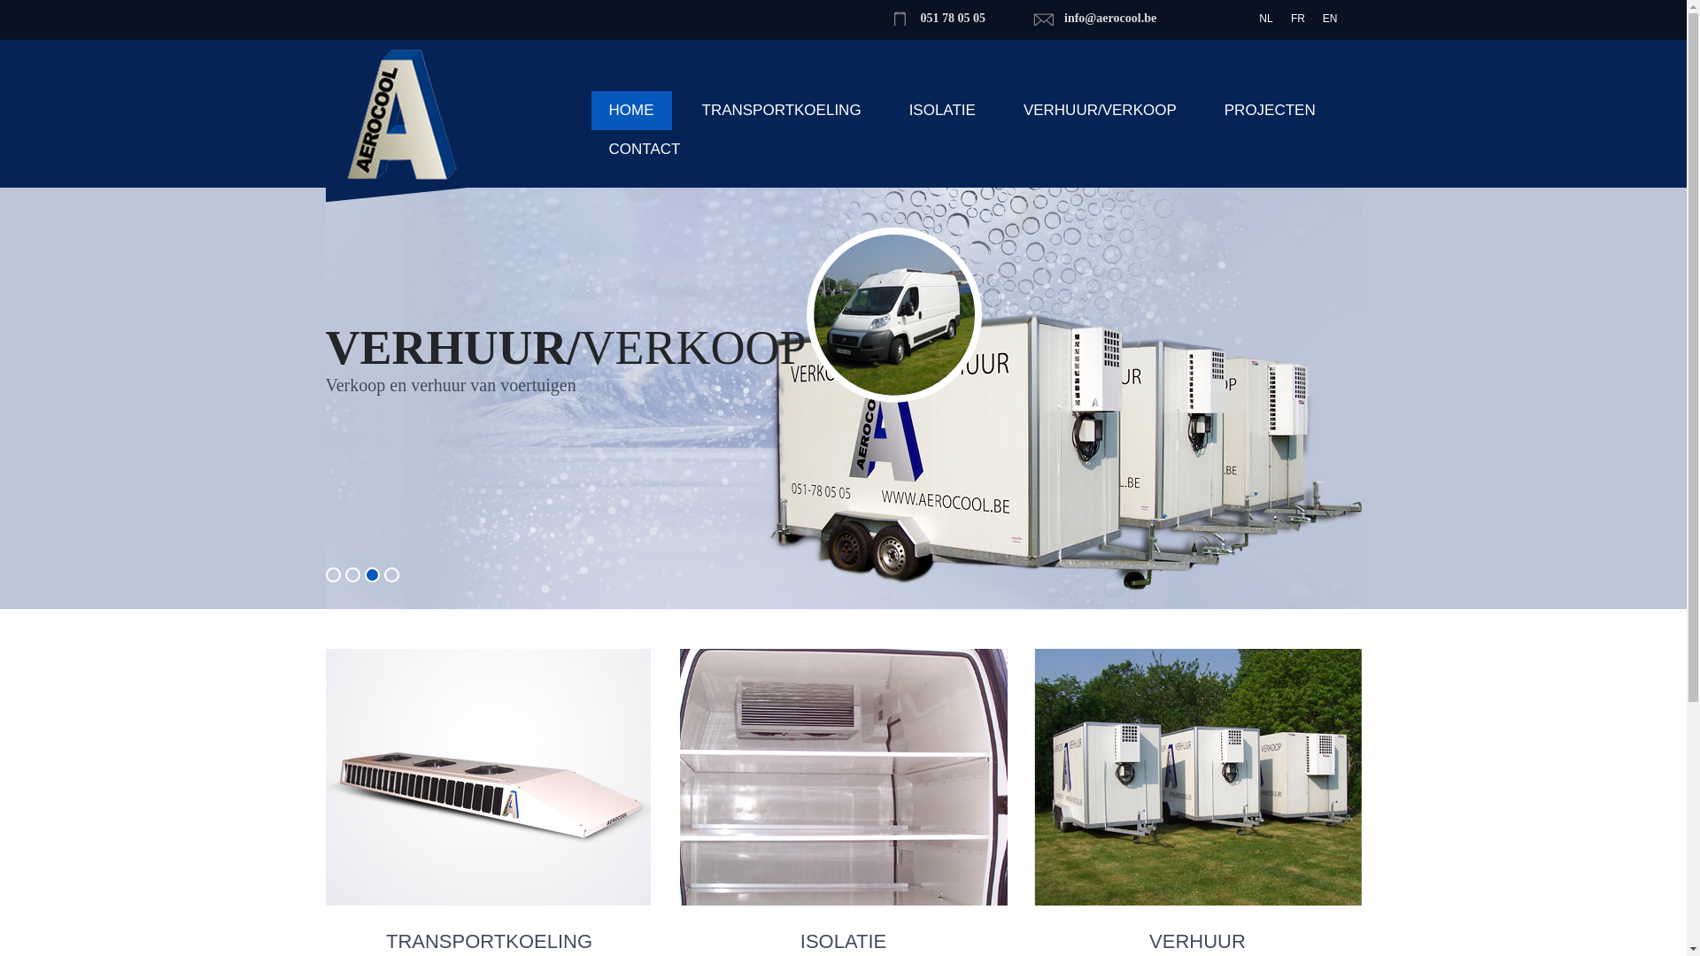  I want to click on 'Aerocool', so click(400, 123).